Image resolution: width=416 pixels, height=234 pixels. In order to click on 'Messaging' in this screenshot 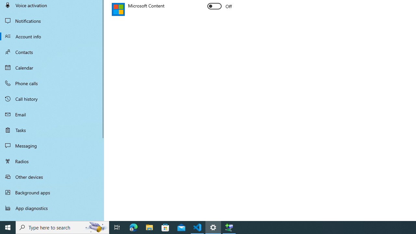, I will do `click(52, 145)`.